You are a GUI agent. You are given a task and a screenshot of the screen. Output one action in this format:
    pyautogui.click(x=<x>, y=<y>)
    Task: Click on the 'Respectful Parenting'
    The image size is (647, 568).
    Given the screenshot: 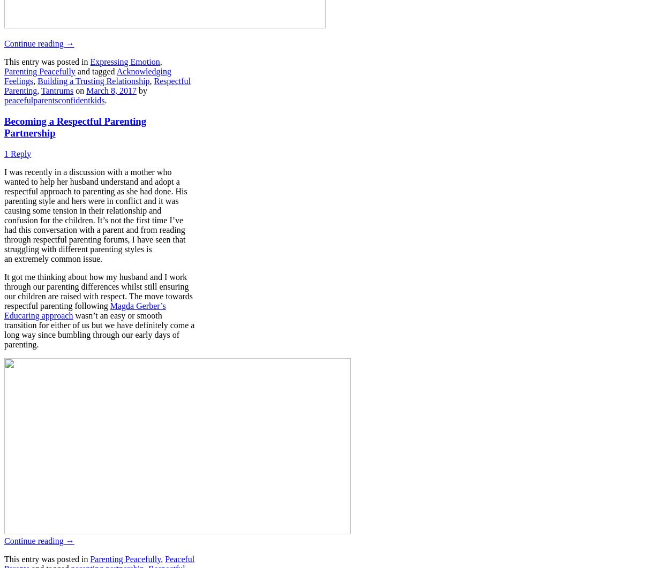 What is the action you would take?
    pyautogui.click(x=3, y=86)
    